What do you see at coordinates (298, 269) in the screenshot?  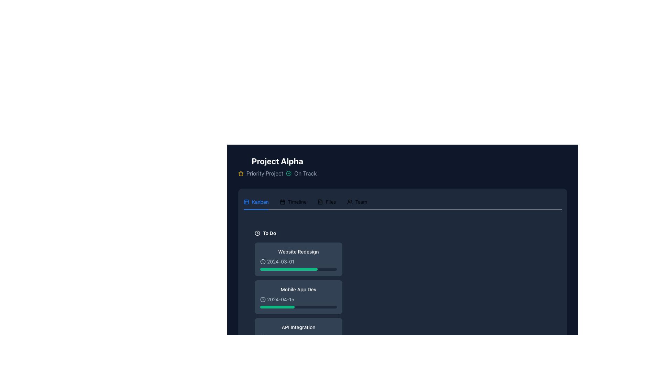 I see `the progress bar representing the completion of the 'Website Redesign' task, located within the card labeled 'Website Redesign' and below the subtitle '2024-03-01'` at bounding box center [298, 269].